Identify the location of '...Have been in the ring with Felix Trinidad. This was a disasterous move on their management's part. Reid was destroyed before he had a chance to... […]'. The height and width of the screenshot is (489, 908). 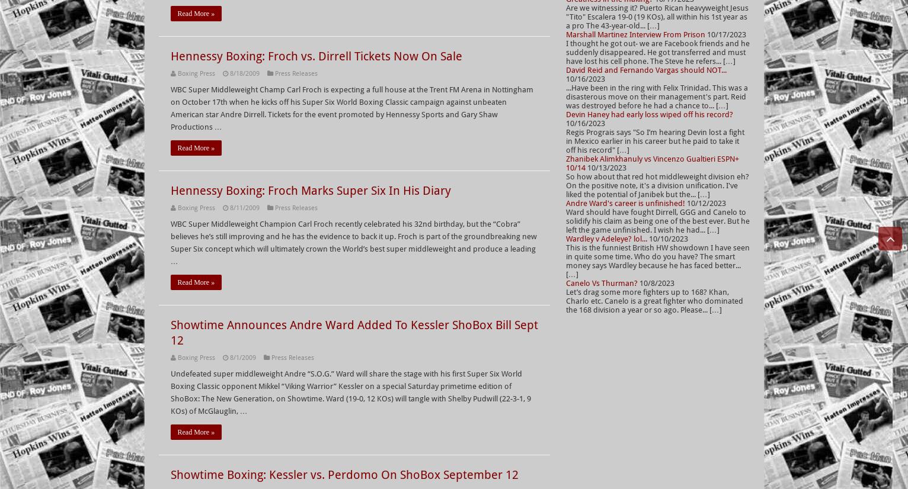
(656, 96).